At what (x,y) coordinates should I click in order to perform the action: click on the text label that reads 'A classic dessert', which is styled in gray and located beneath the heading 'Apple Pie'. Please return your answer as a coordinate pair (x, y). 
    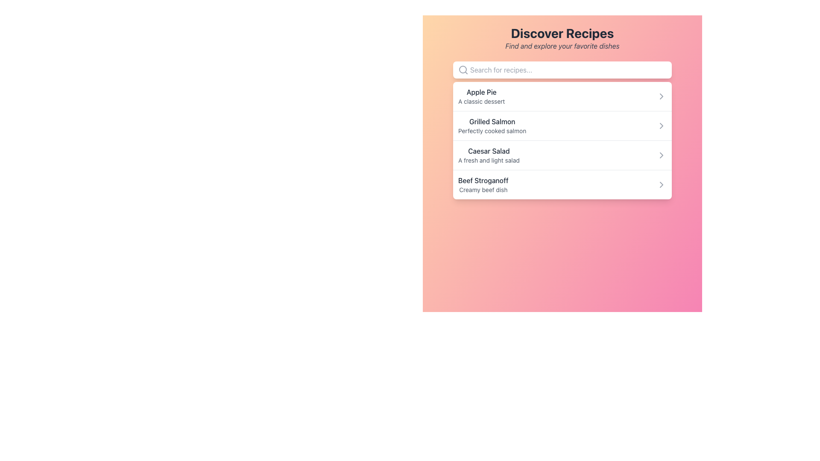
    Looking at the image, I should click on (481, 101).